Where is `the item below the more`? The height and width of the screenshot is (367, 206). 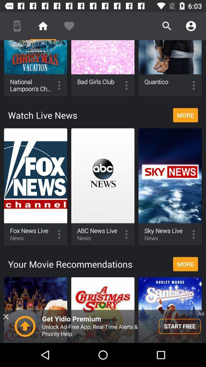
the item below the more is located at coordinates (103, 326).